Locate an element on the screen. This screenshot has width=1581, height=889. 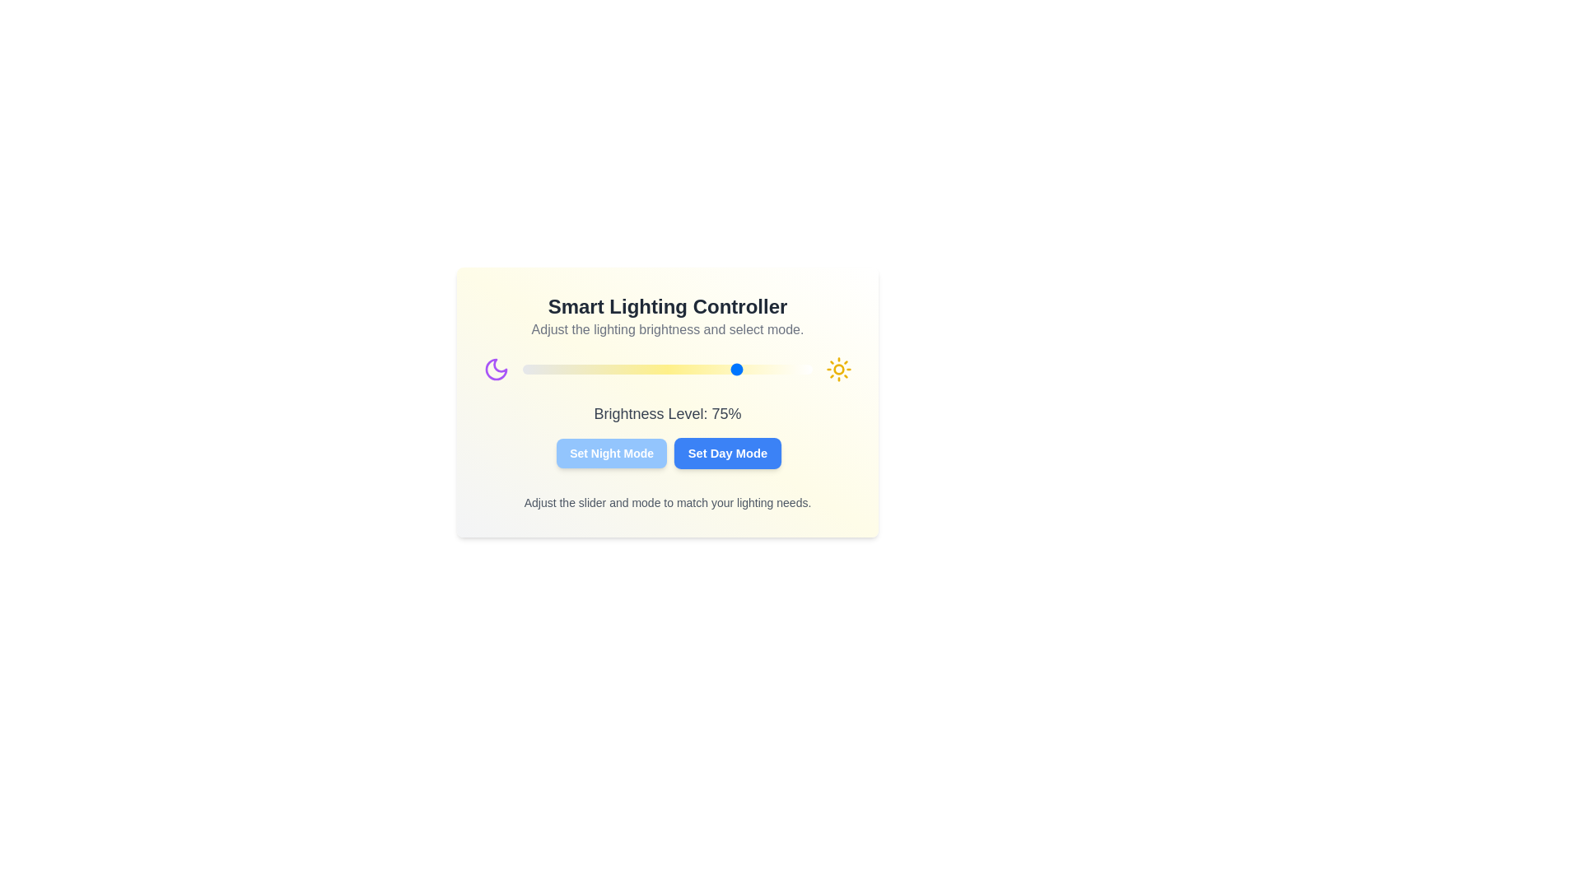
'Set Night Mode' button is located at coordinates (611, 454).